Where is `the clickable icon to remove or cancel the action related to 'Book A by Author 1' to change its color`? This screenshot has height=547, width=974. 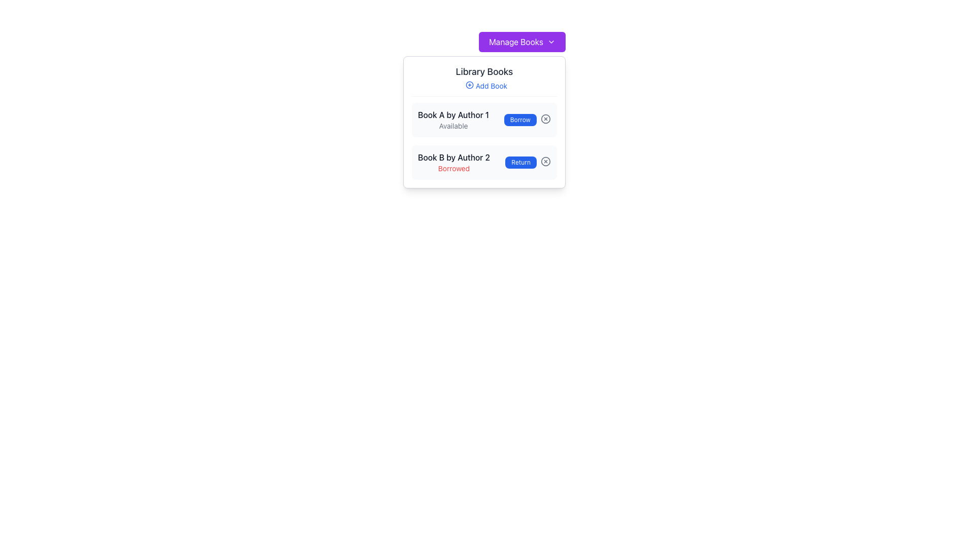
the clickable icon to remove or cancel the action related to 'Book A by Author 1' to change its color is located at coordinates (545, 119).